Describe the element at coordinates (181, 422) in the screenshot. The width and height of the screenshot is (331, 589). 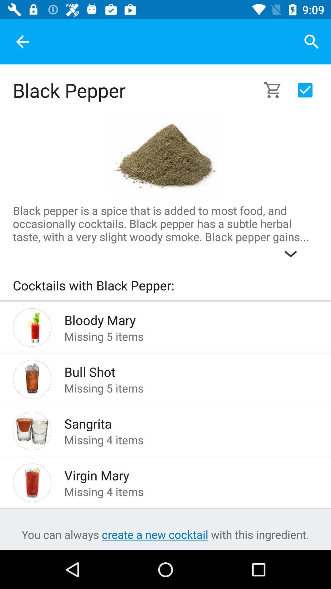
I see `the icon above the missing 4 items item` at that location.